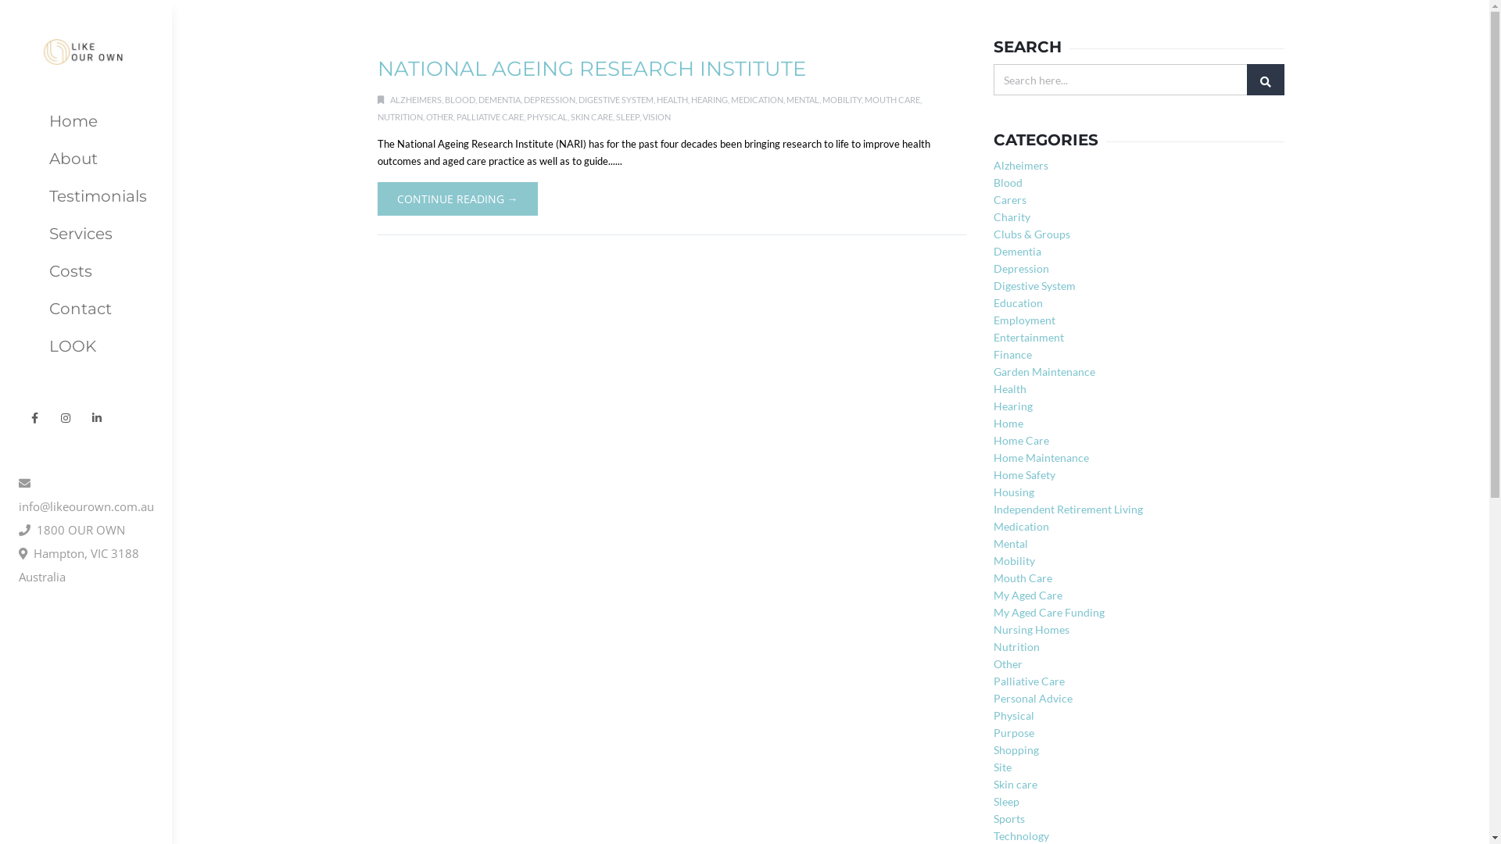 Image resolution: width=1501 pixels, height=844 pixels. Describe the element at coordinates (1029, 680) in the screenshot. I see `'Palliative Care'` at that location.